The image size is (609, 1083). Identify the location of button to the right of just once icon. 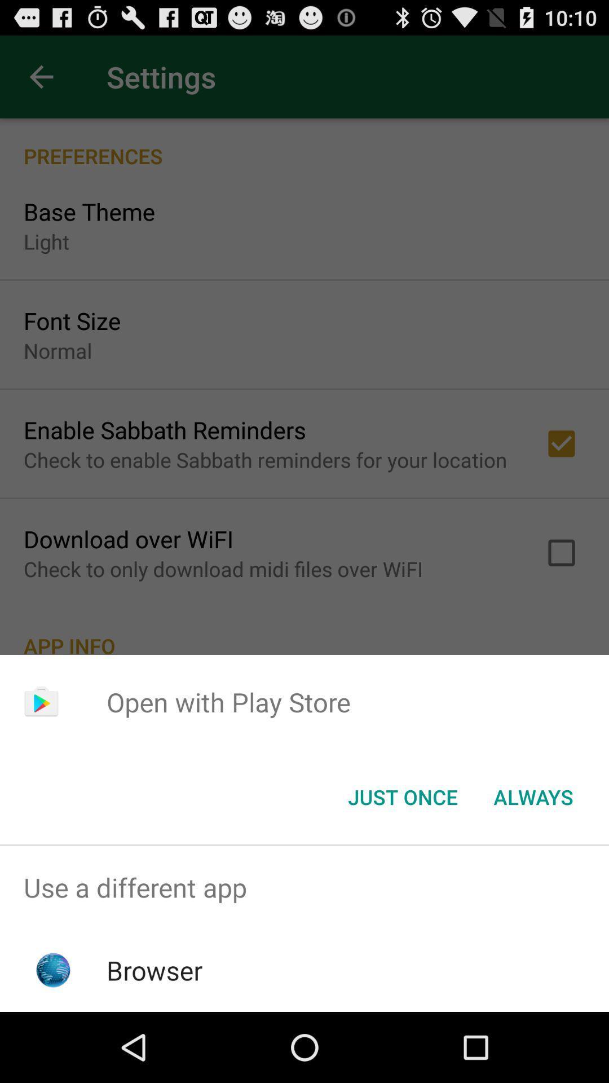
(533, 796).